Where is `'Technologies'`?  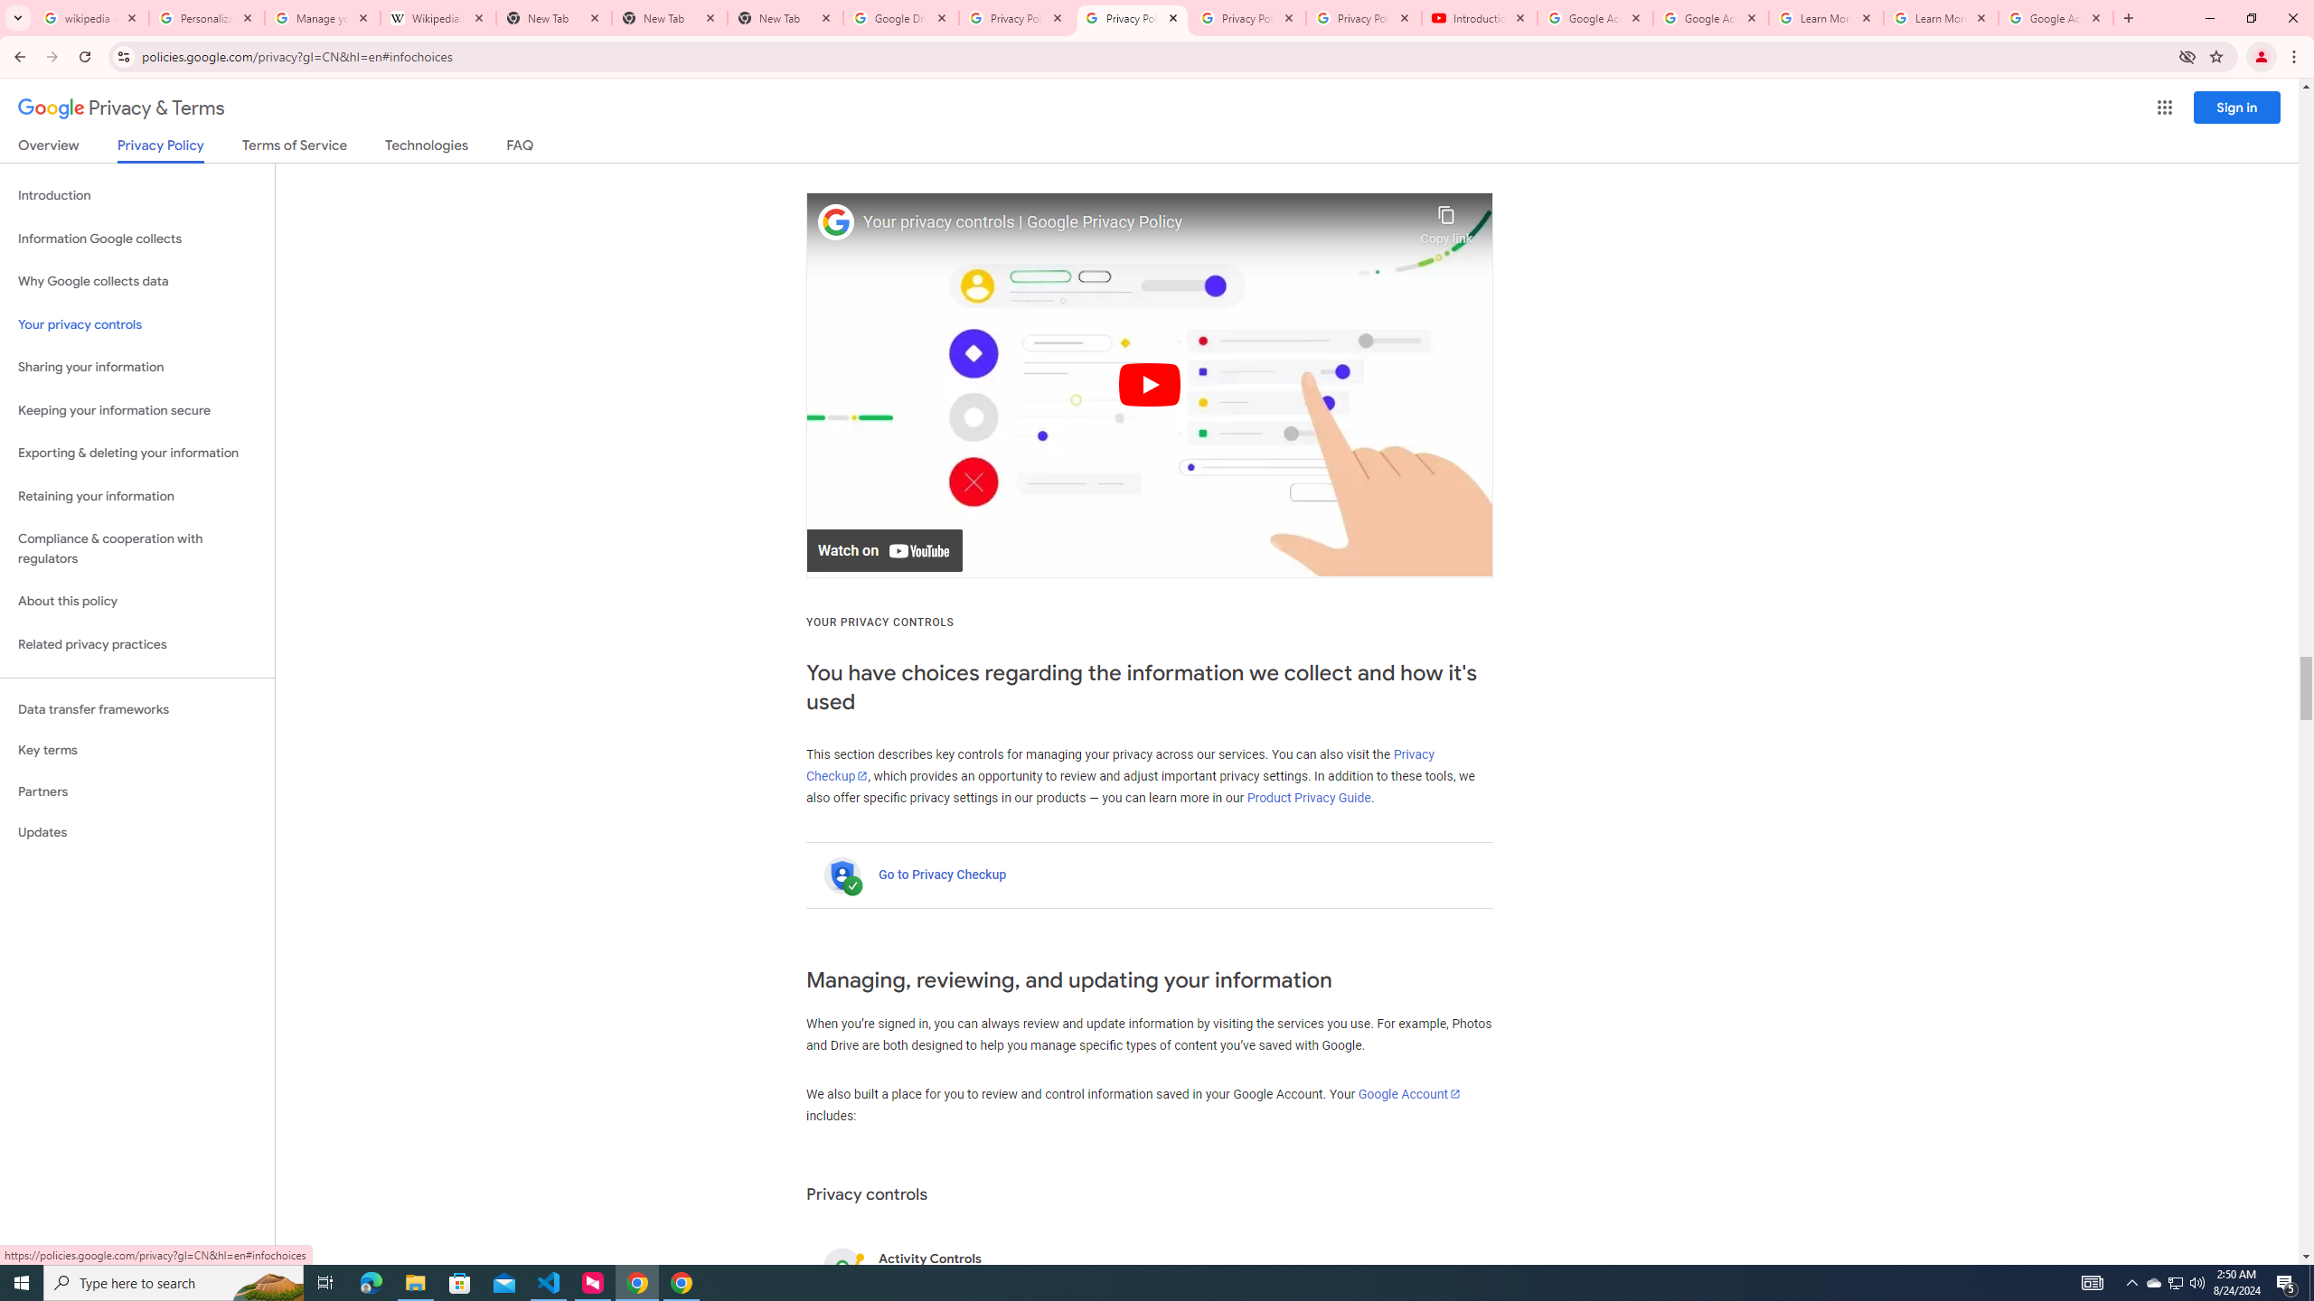
'Technologies' is located at coordinates (427, 148).